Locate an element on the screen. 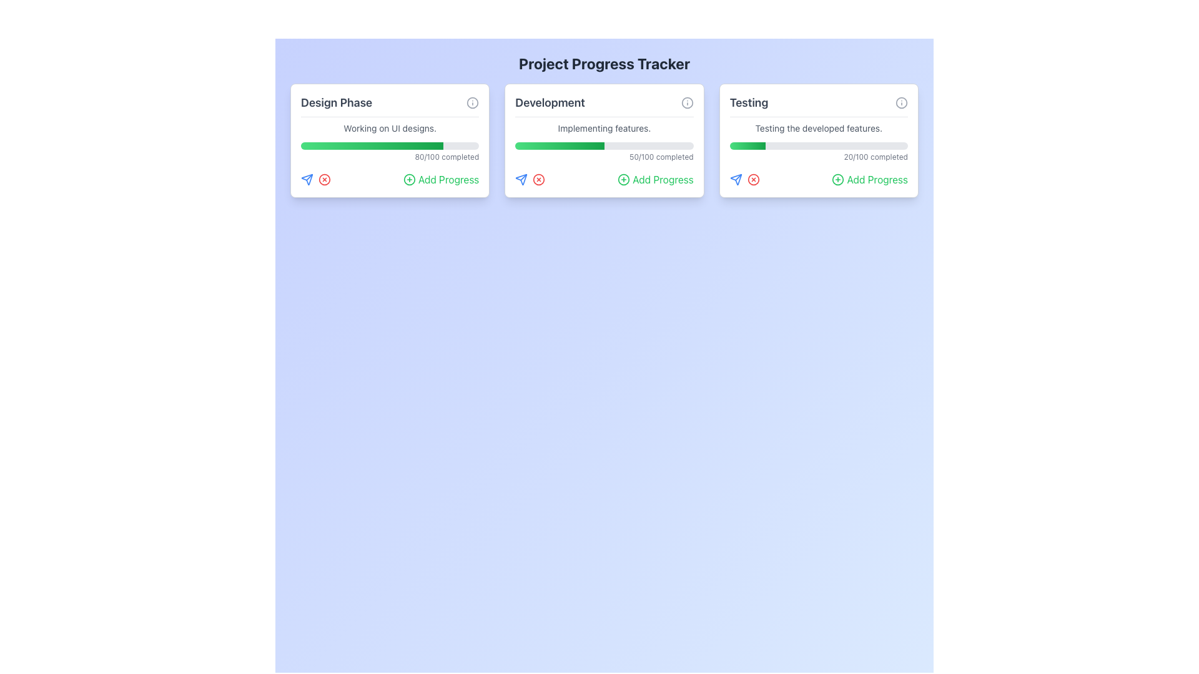  the 'Add Progress' button, which is a green textual link with a plus sign icon, located in the lower right section of the middle card in the three-column grid layout labeled 'Development' is located at coordinates (654, 180).